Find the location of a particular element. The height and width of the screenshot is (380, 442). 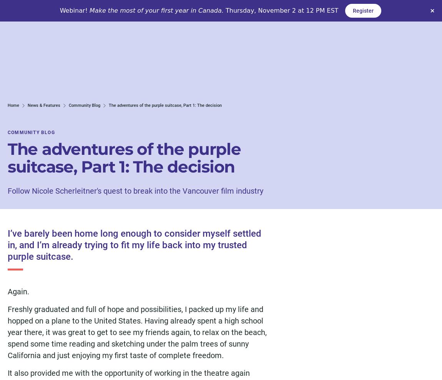

'It never gets easier leaving them, even knowing it’s temporary. A whole year of moments, celebrations that I wont be part of. But at the same time, it’s a full year of me working to make my dreams come true, to meet new people that will hopefully become friends and family, and enjoy experiences I would never be able to enjoy otherwise.' is located at coordinates (137, 67).